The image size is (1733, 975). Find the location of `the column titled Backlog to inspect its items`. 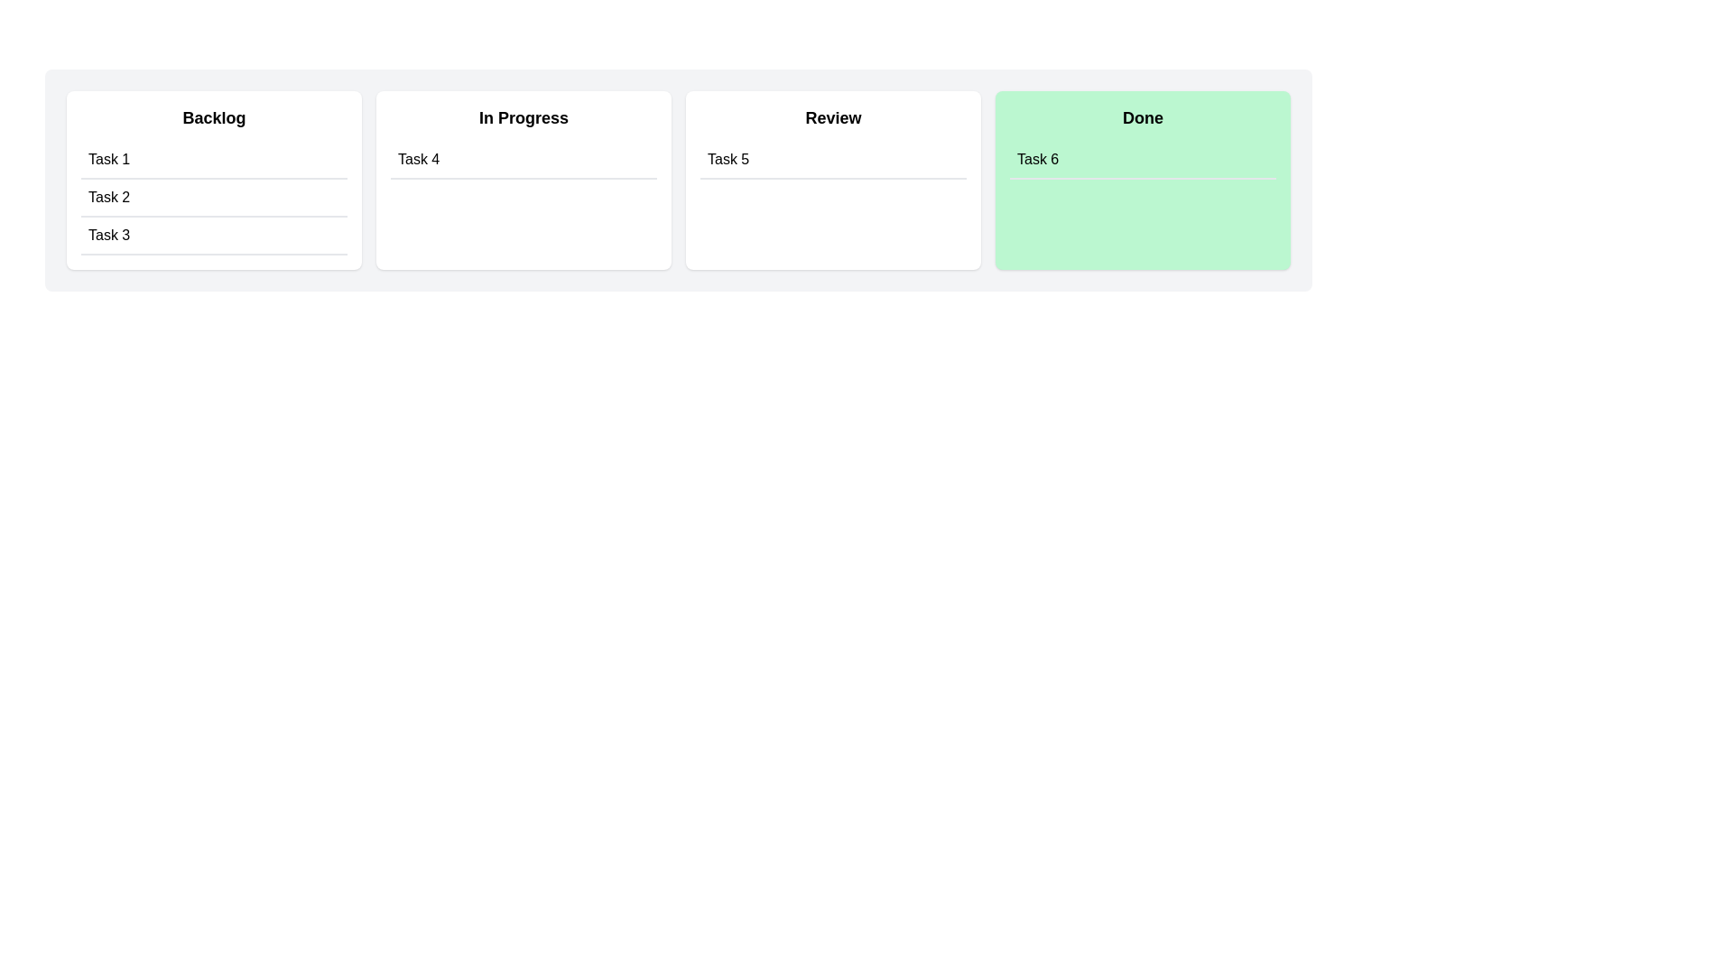

the column titled Backlog to inspect its items is located at coordinates (214, 181).